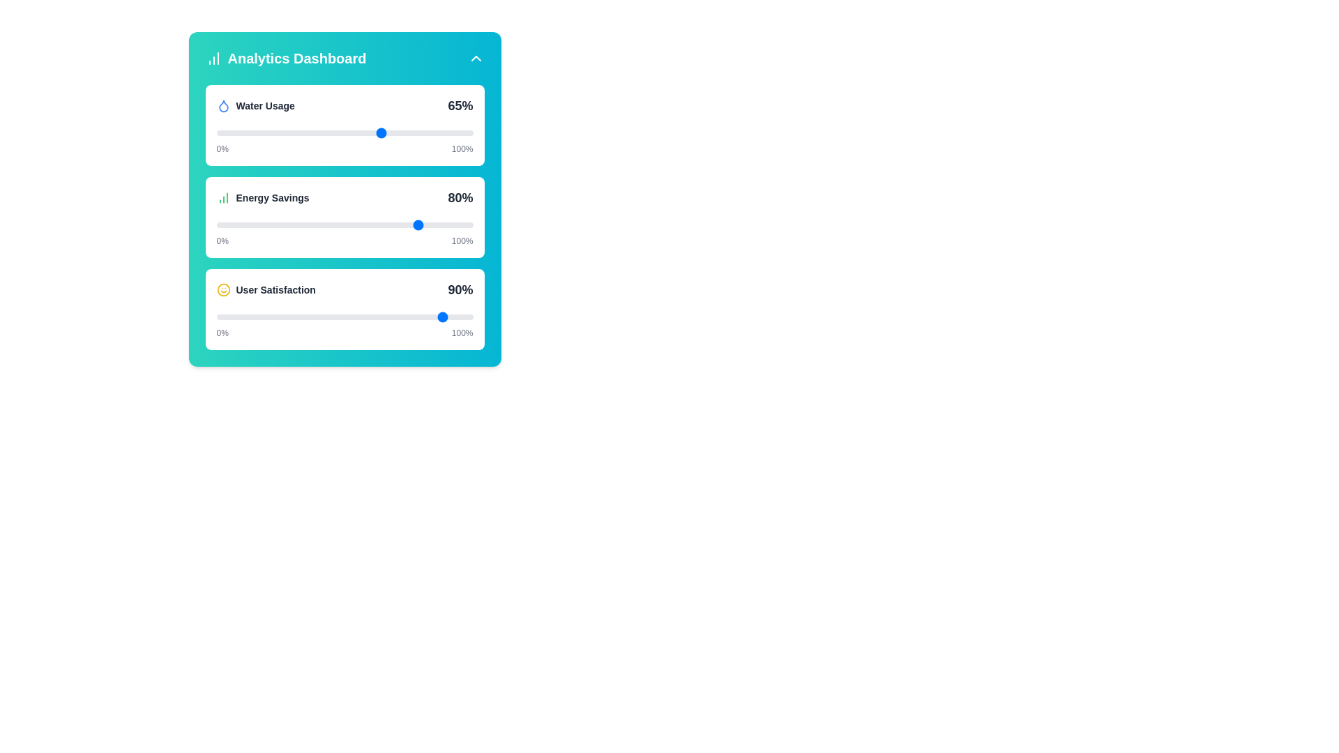 The width and height of the screenshot is (1339, 753). I want to click on the small bar chart icon located to the left of the 'Analytics Dashboard' header, which features three vertical bars of increasing height on a light teal background, so click(213, 58).